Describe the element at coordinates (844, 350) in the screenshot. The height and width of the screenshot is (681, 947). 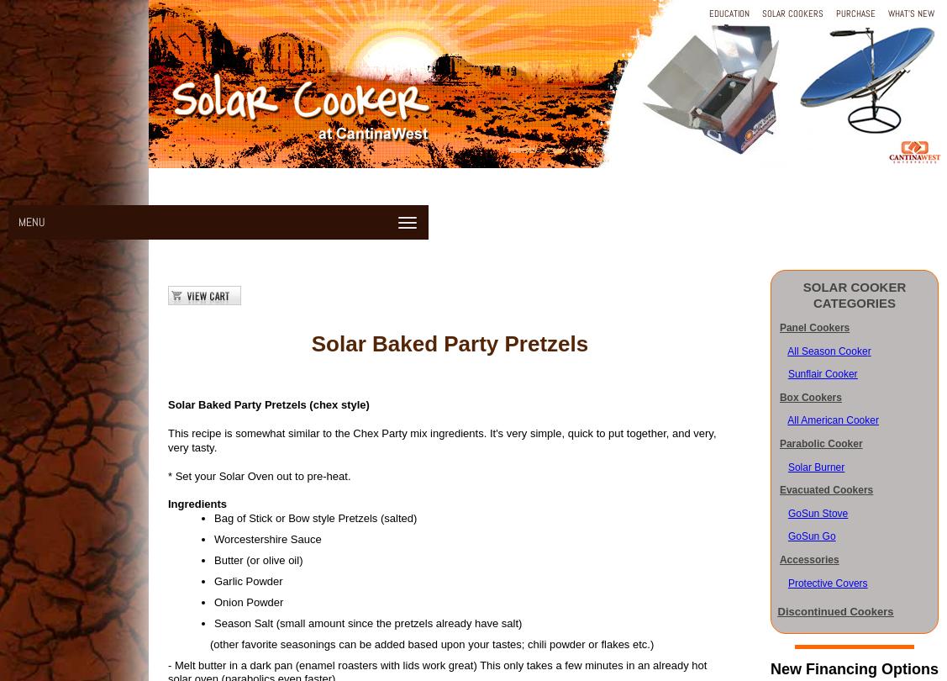
I see `'on Cooke'` at that location.